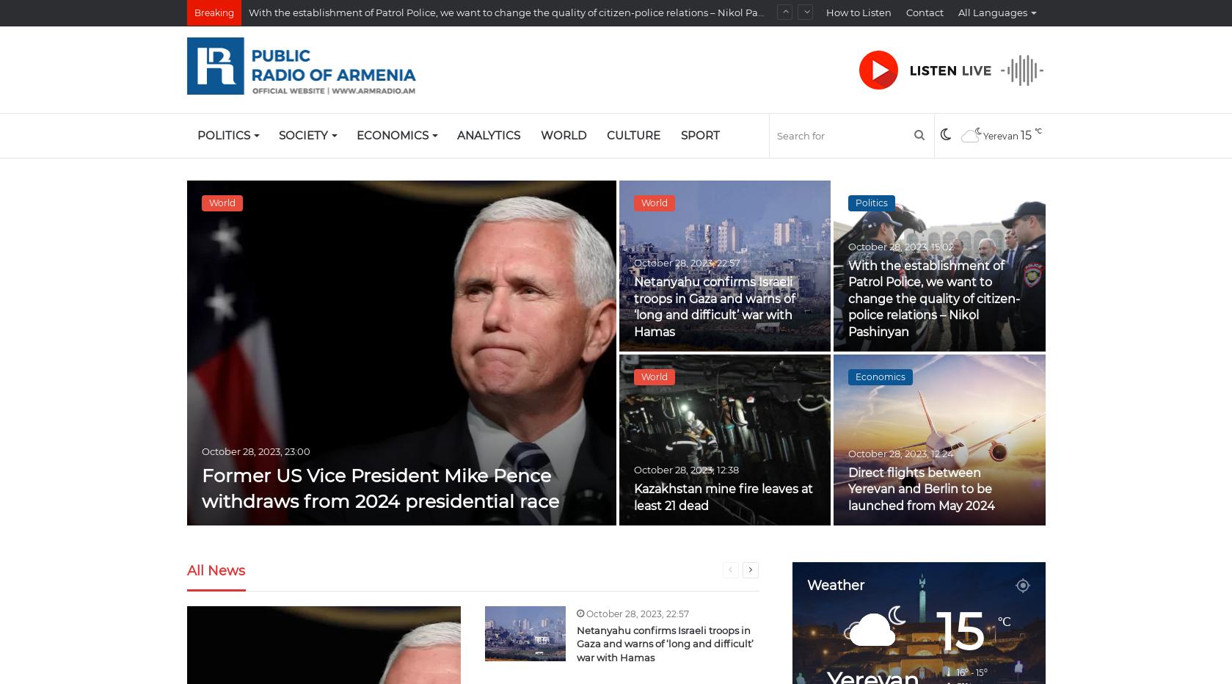 Image resolution: width=1232 pixels, height=684 pixels. What do you see at coordinates (900, 246) in the screenshot?
I see `'October 28, 2023, 15:02'` at bounding box center [900, 246].